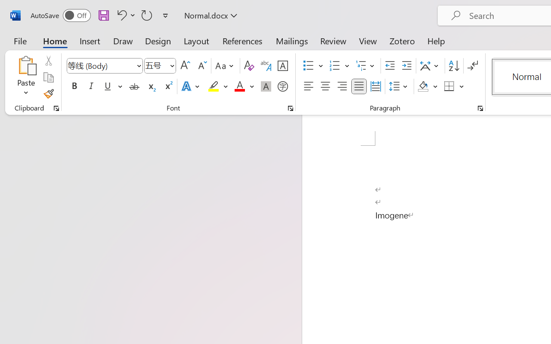  I want to click on 'Multilevel List', so click(366, 66).